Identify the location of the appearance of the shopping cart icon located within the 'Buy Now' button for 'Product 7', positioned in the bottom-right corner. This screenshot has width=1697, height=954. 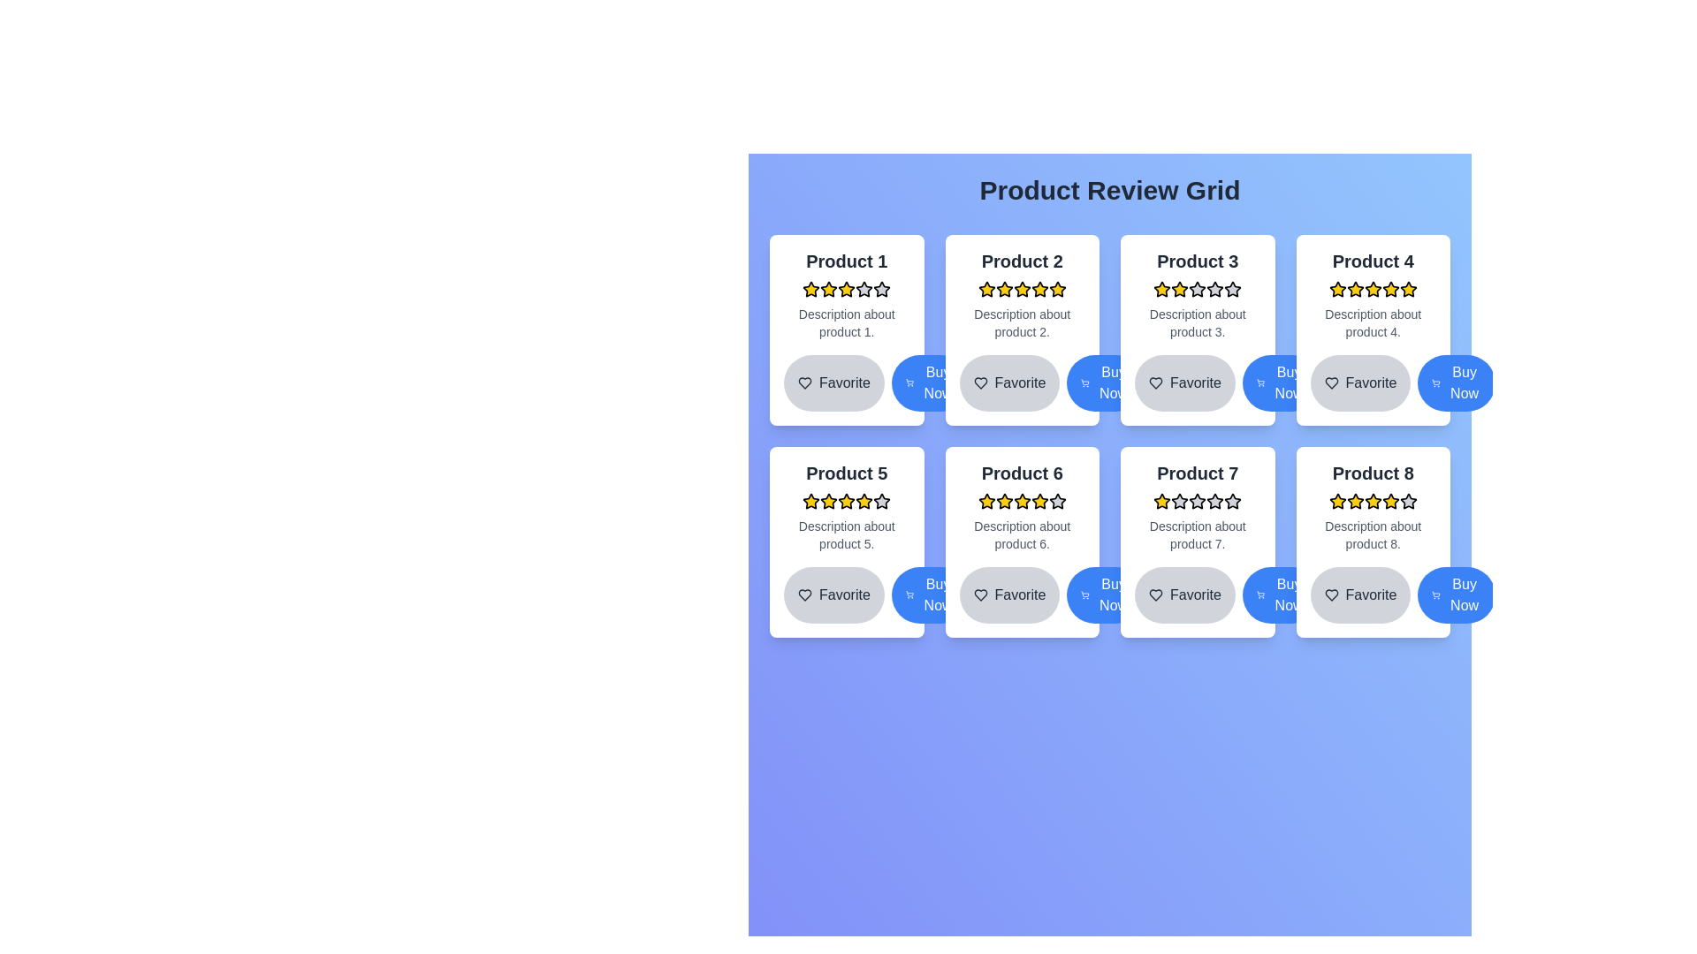
(1259, 595).